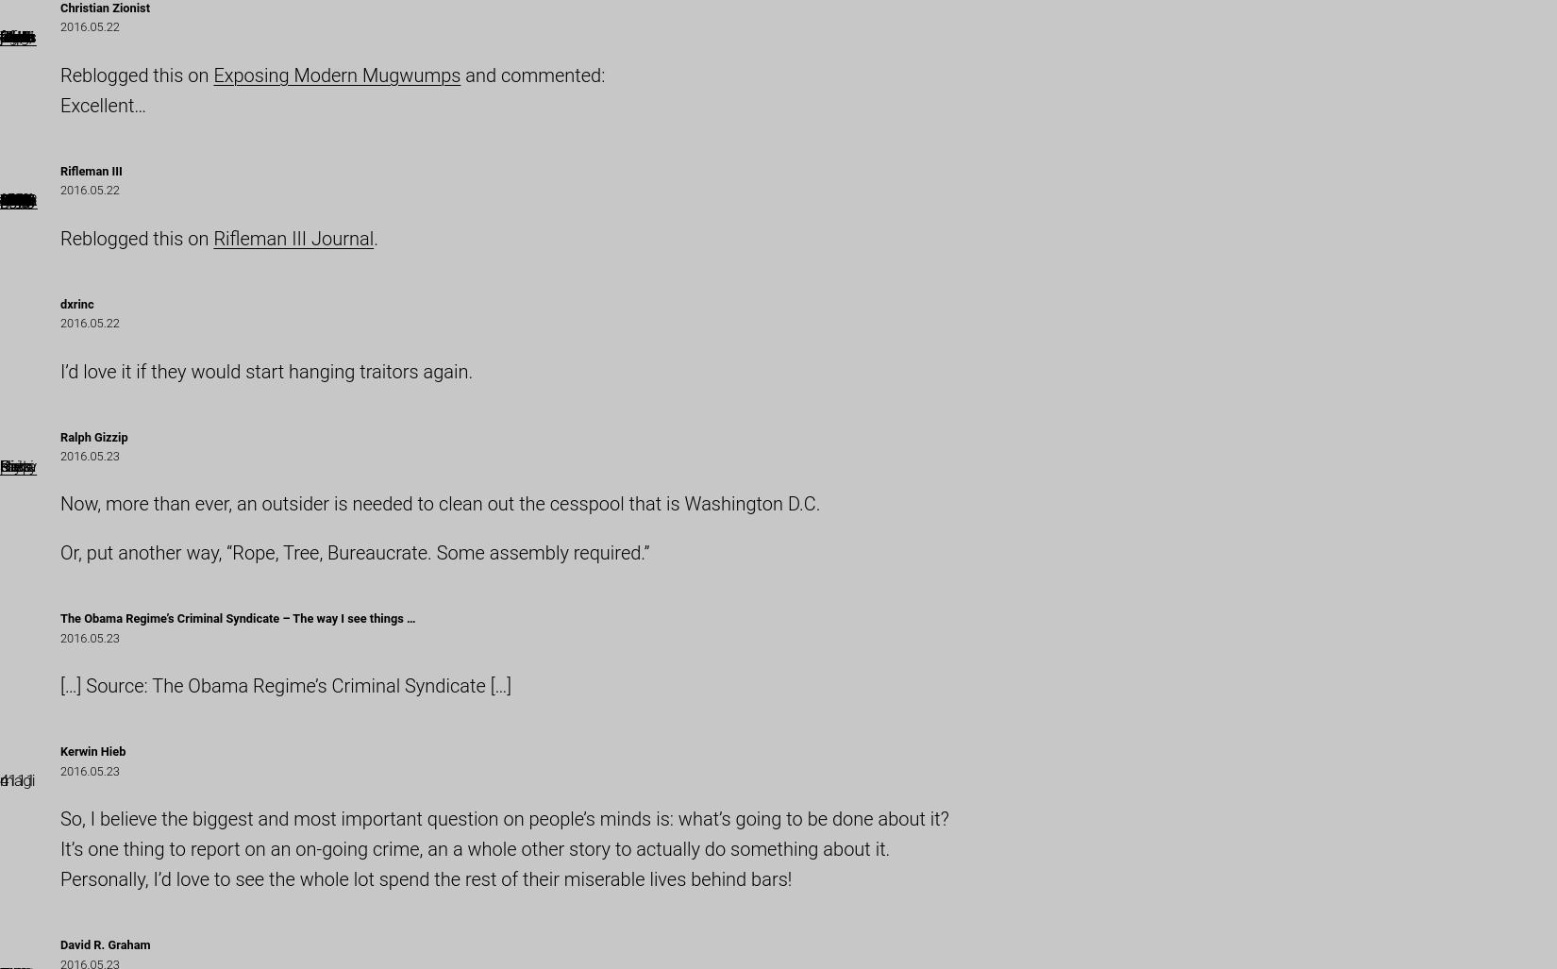 This screenshot has width=1557, height=969. Describe the element at coordinates (91, 169) in the screenshot. I see `'Rifleman III'` at that location.